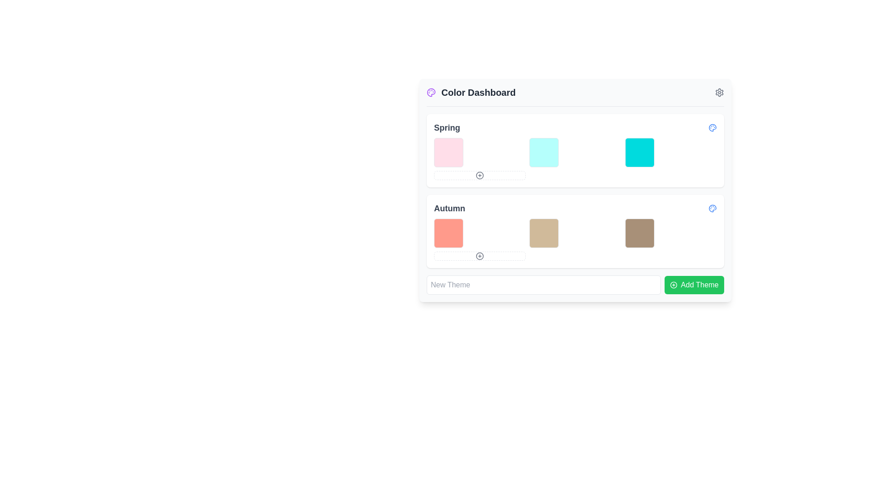  Describe the element at coordinates (430, 92) in the screenshot. I see `the SVG-based icon located to the left of the 'Color Dashboard' text in the header section of the interface` at that location.